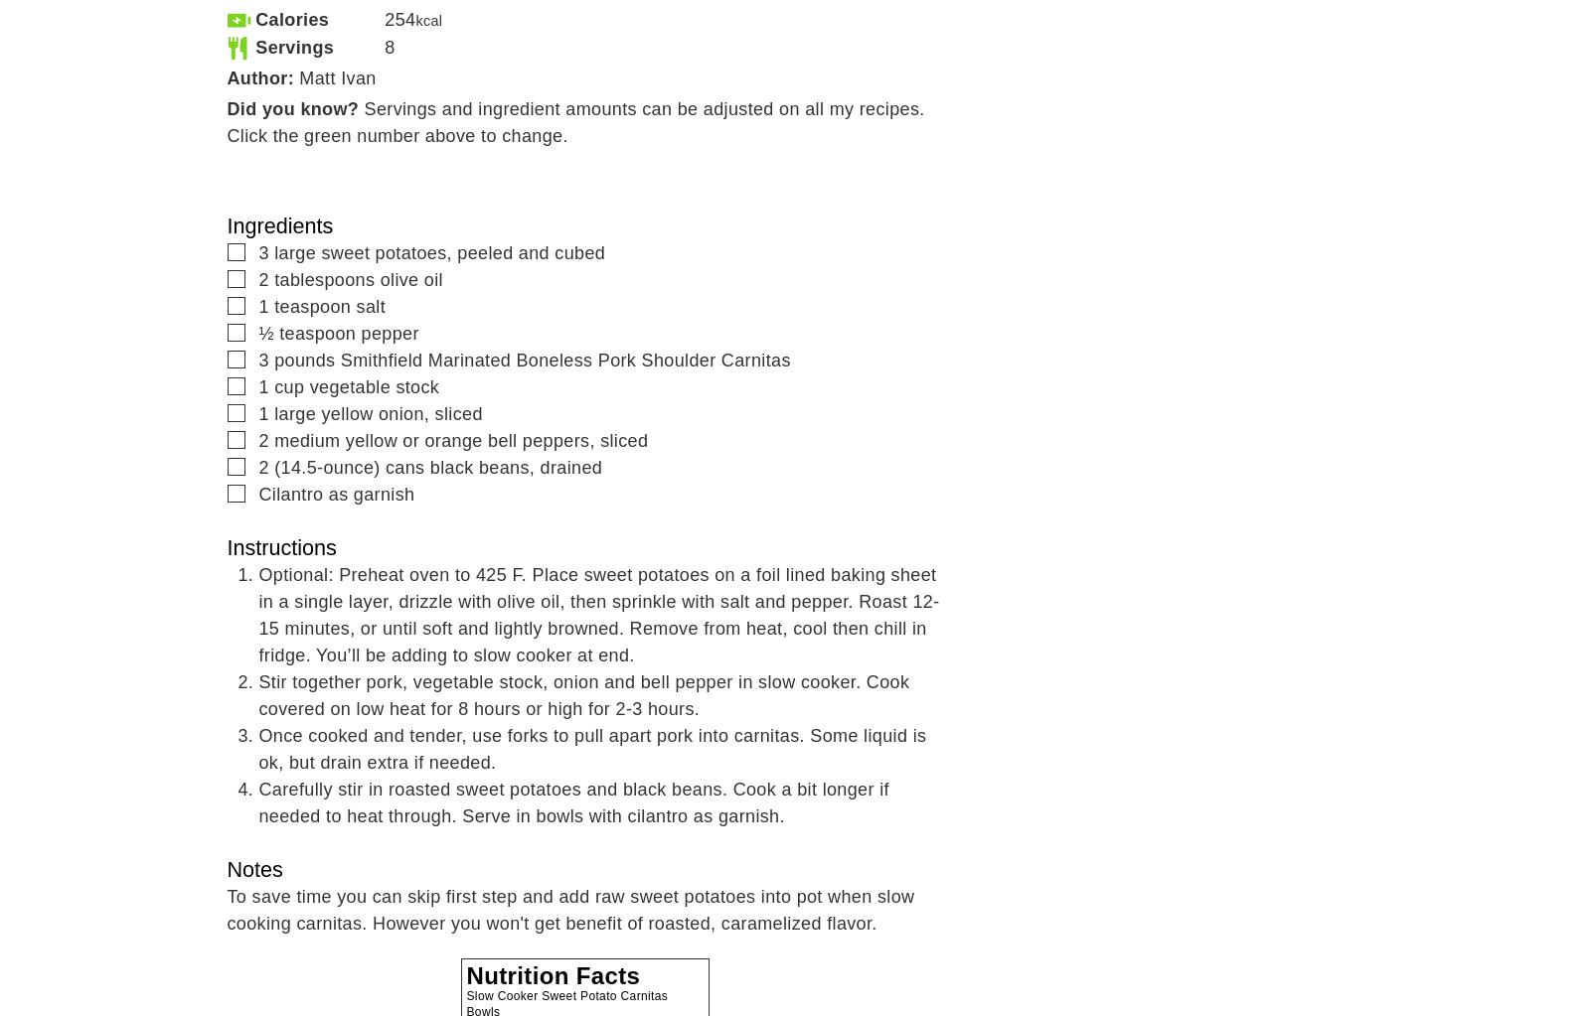 The width and height of the screenshot is (1590, 1016). Describe the element at coordinates (258, 494) in the screenshot. I see `'Cilantro as garnish'` at that location.